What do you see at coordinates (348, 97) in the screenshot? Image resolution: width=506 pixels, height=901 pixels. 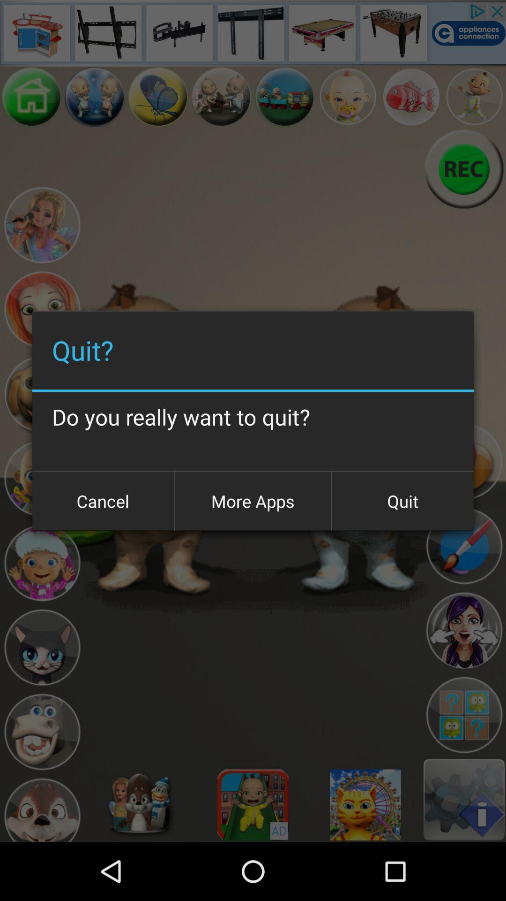 I see `image to be descriptive on left` at bounding box center [348, 97].